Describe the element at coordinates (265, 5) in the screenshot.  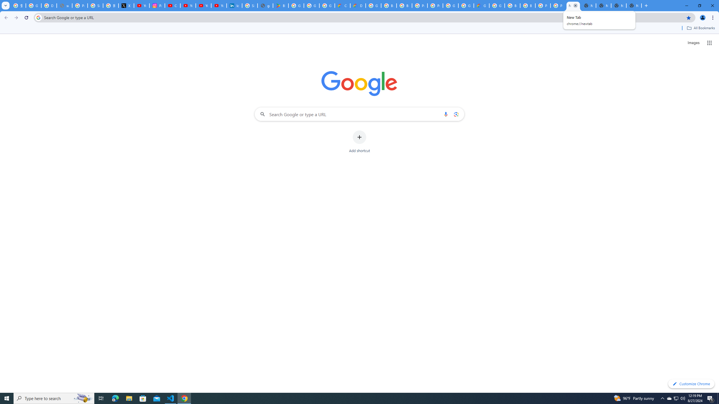
I see `'google_privacy_policy_en.pdf'` at that location.